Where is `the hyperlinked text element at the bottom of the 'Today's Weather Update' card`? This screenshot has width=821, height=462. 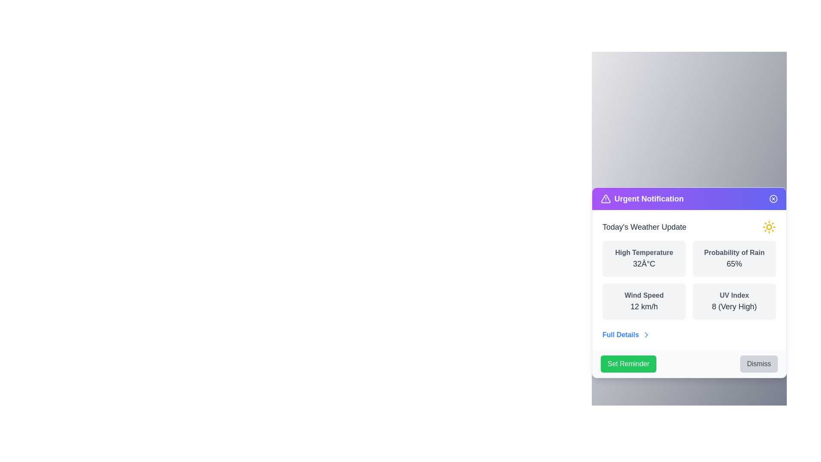 the hyperlinked text element at the bottom of the 'Today's Weather Update' card is located at coordinates (626, 335).